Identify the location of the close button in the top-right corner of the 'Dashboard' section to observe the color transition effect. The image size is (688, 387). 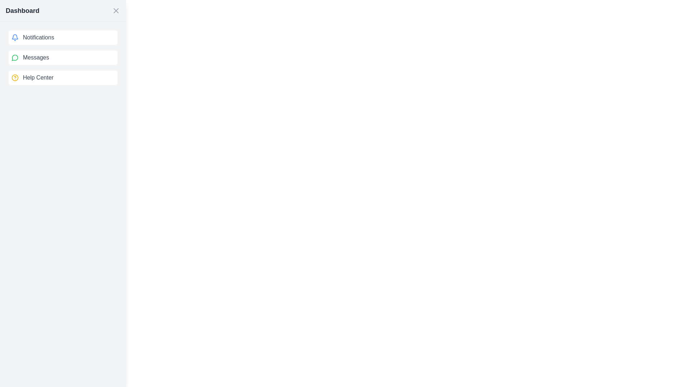
(116, 11).